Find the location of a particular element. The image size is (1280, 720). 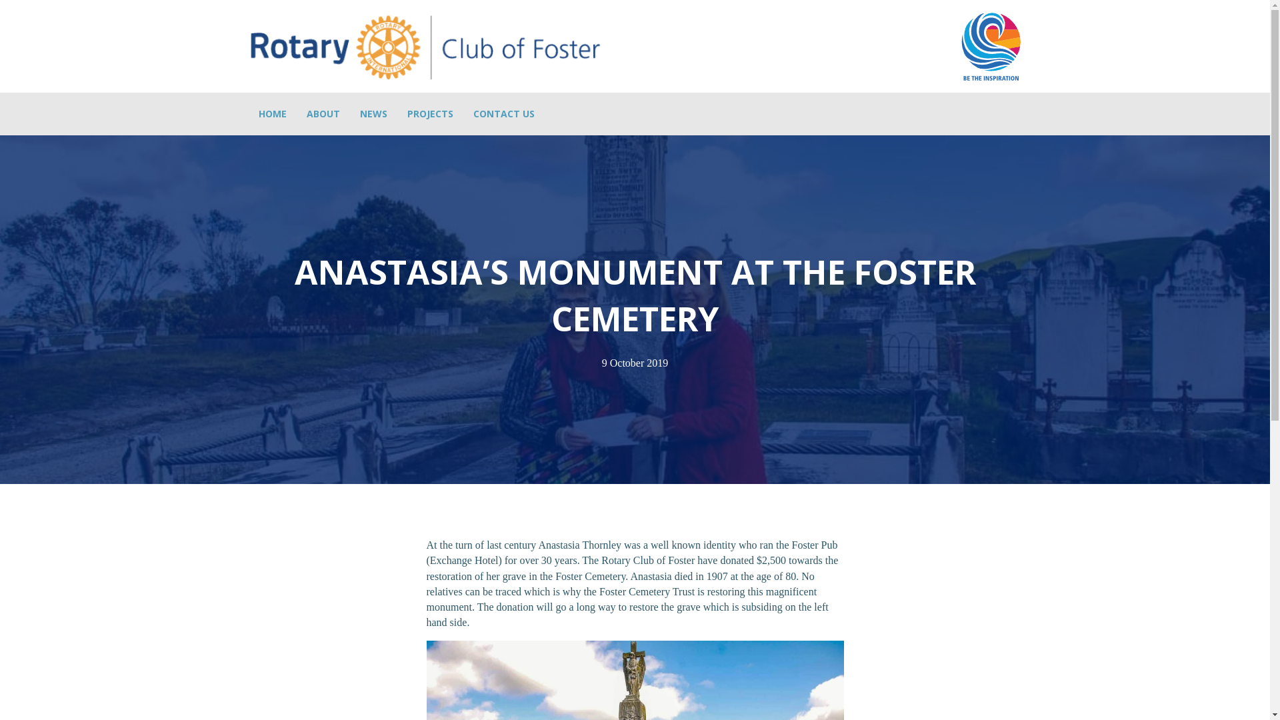

'HOME' is located at coordinates (271, 113).